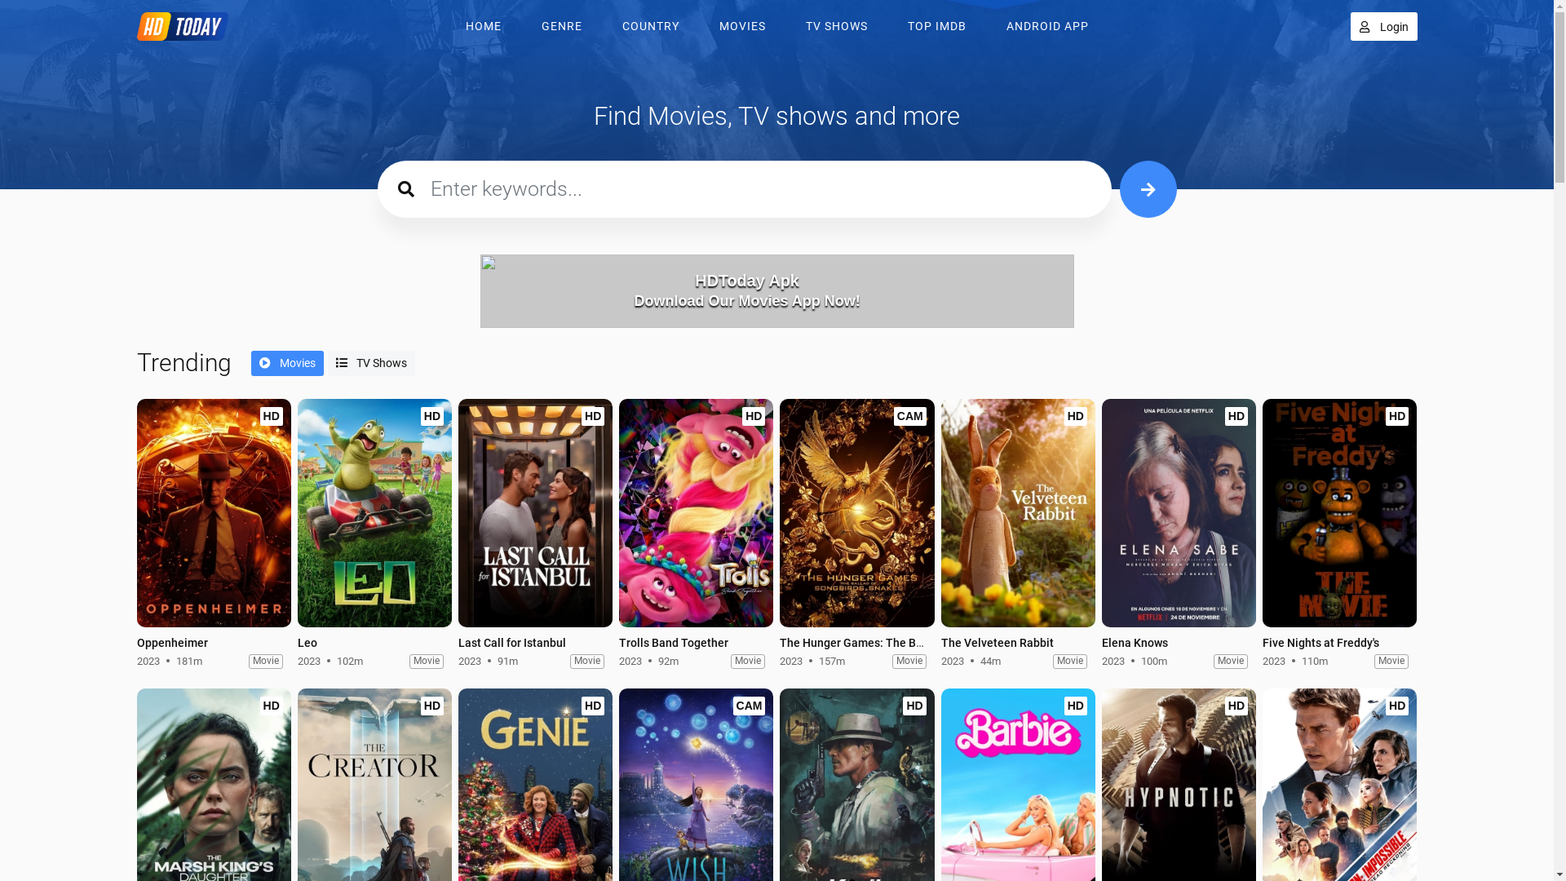 The width and height of the screenshot is (1566, 881). Describe the element at coordinates (604, 26) in the screenshot. I see `'COUNTRY'` at that location.